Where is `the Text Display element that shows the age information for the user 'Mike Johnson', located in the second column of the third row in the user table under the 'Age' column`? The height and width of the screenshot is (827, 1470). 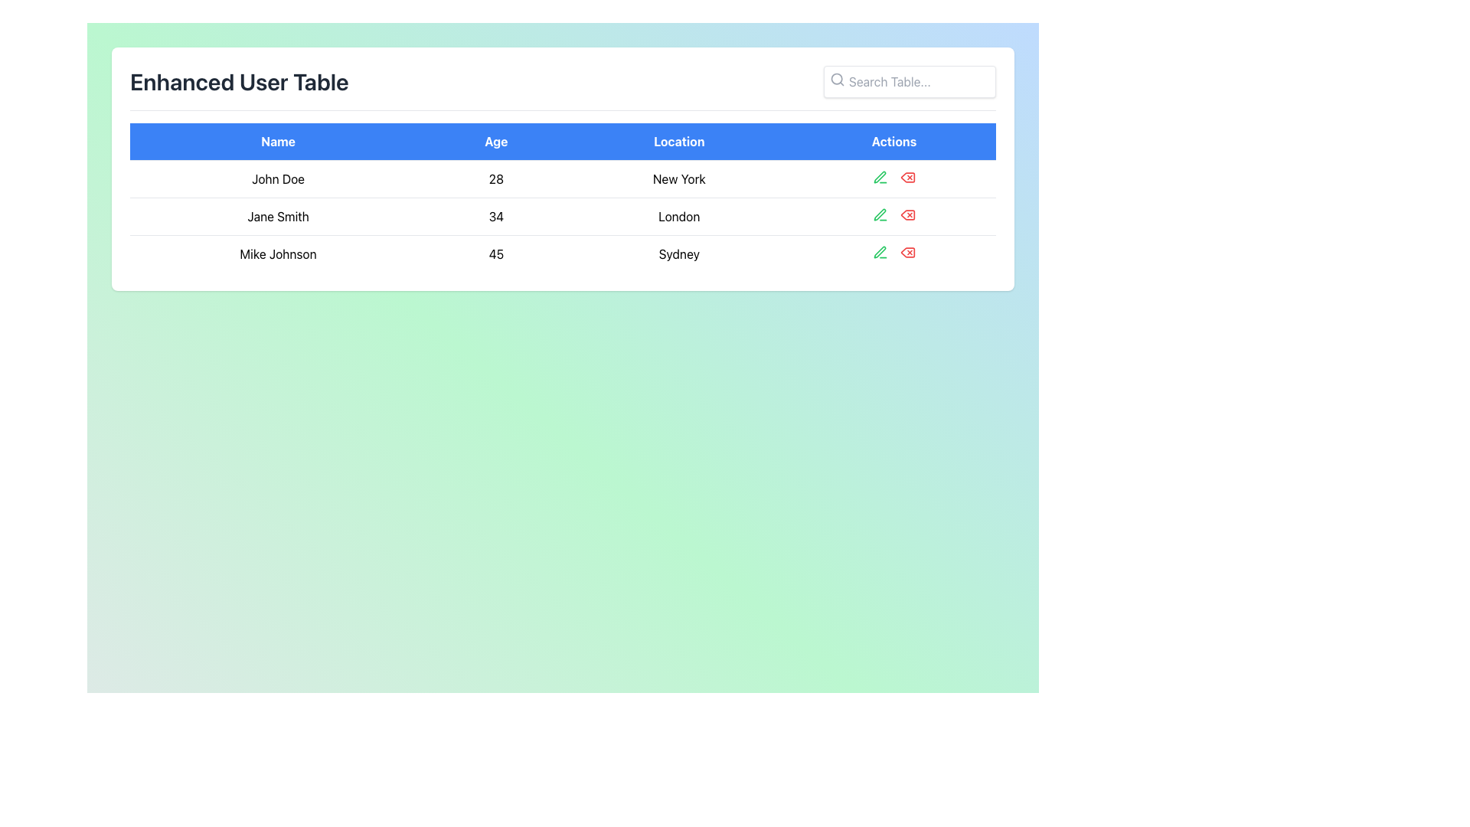 the Text Display element that shows the age information for the user 'Mike Johnson', located in the second column of the third row in the user table under the 'Age' column is located at coordinates (496, 253).